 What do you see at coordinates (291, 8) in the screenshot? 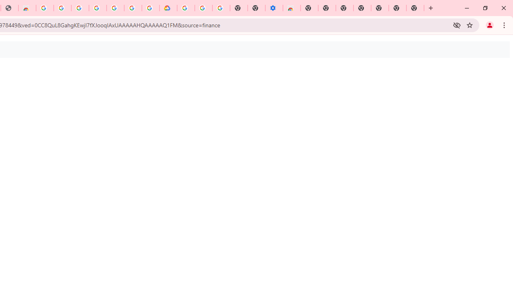
I see `'Chrome Web Store - Accessibility extensions'` at bounding box center [291, 8].